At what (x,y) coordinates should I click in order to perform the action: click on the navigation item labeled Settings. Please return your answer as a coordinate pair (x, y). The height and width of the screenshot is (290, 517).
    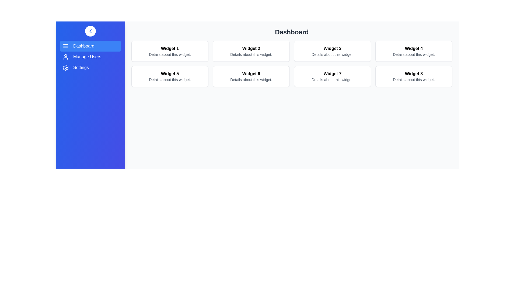
    Looking at the image, I should click on (90, 67).